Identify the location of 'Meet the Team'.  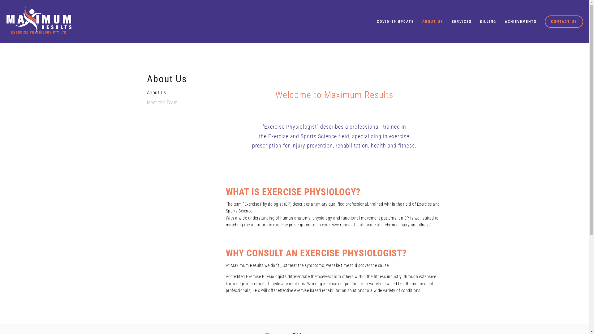
(146, 104).